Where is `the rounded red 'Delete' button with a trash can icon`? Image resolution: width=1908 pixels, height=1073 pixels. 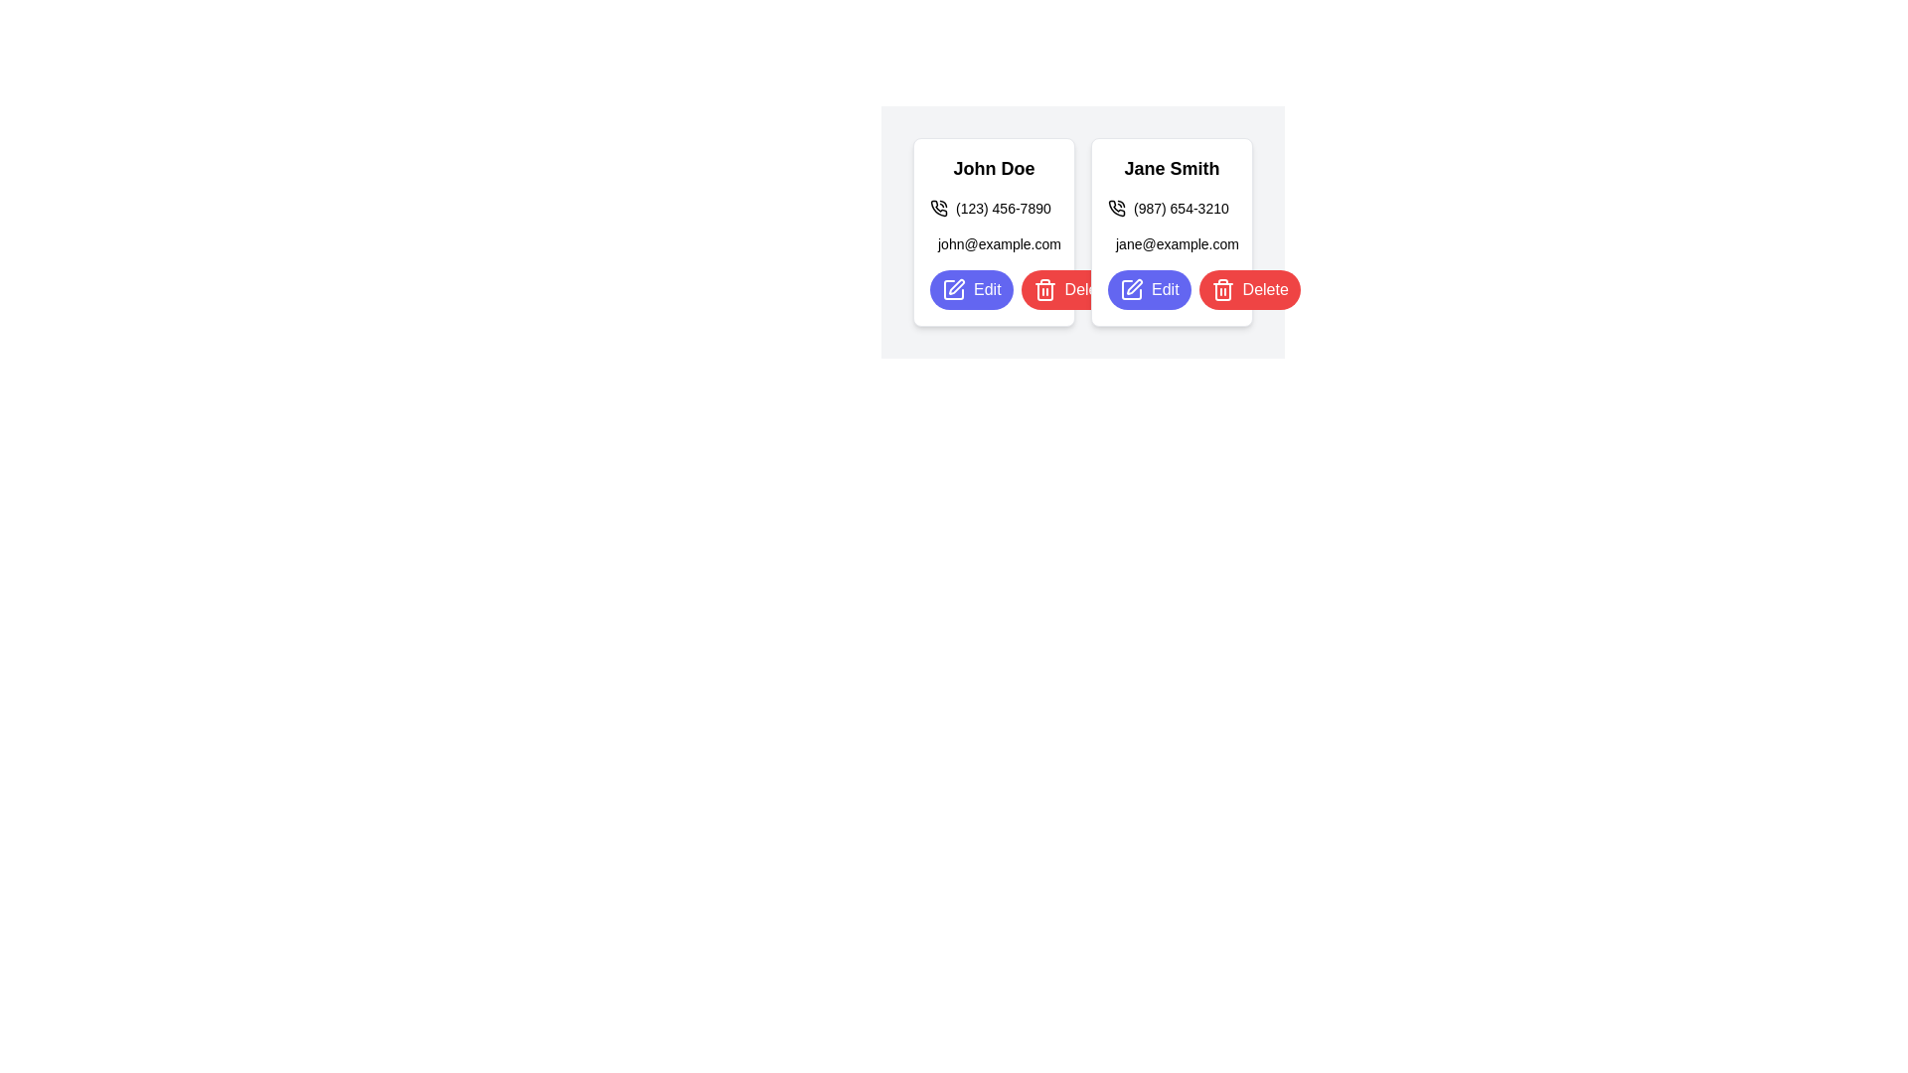
the rounded red 'Delete' button with a trash can icon is located at coordinates (1070, 290).